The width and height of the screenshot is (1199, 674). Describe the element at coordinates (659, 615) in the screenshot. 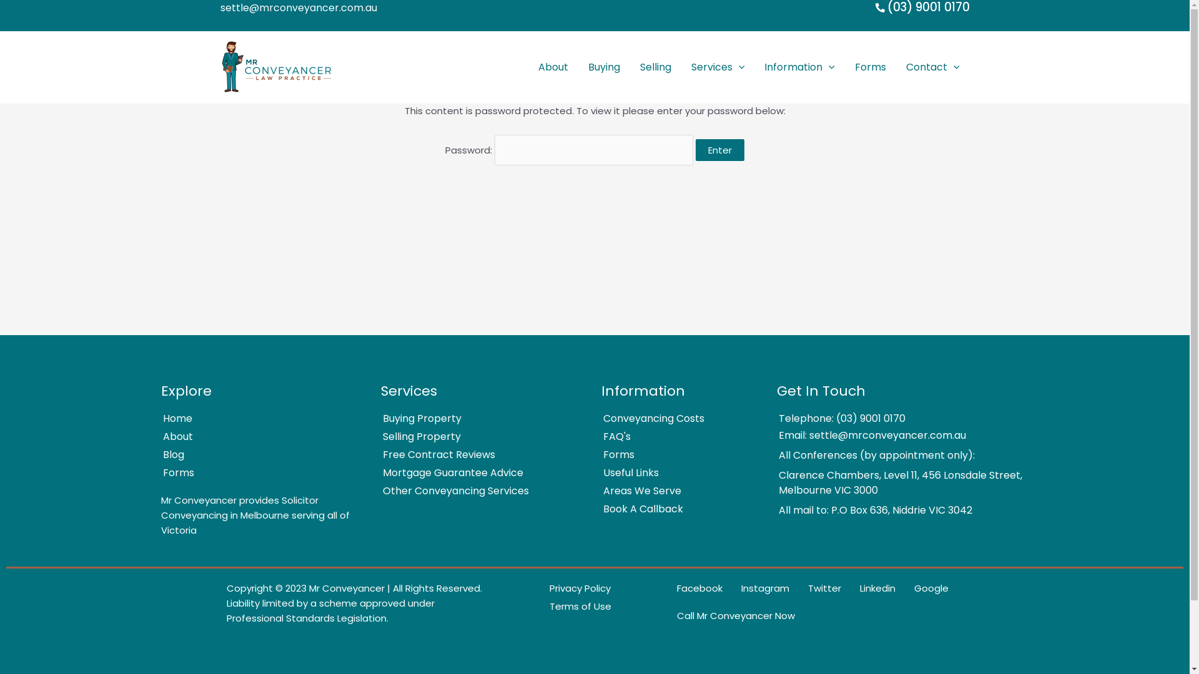

I see `'Call Mr Conveyancer Now'` at that location.